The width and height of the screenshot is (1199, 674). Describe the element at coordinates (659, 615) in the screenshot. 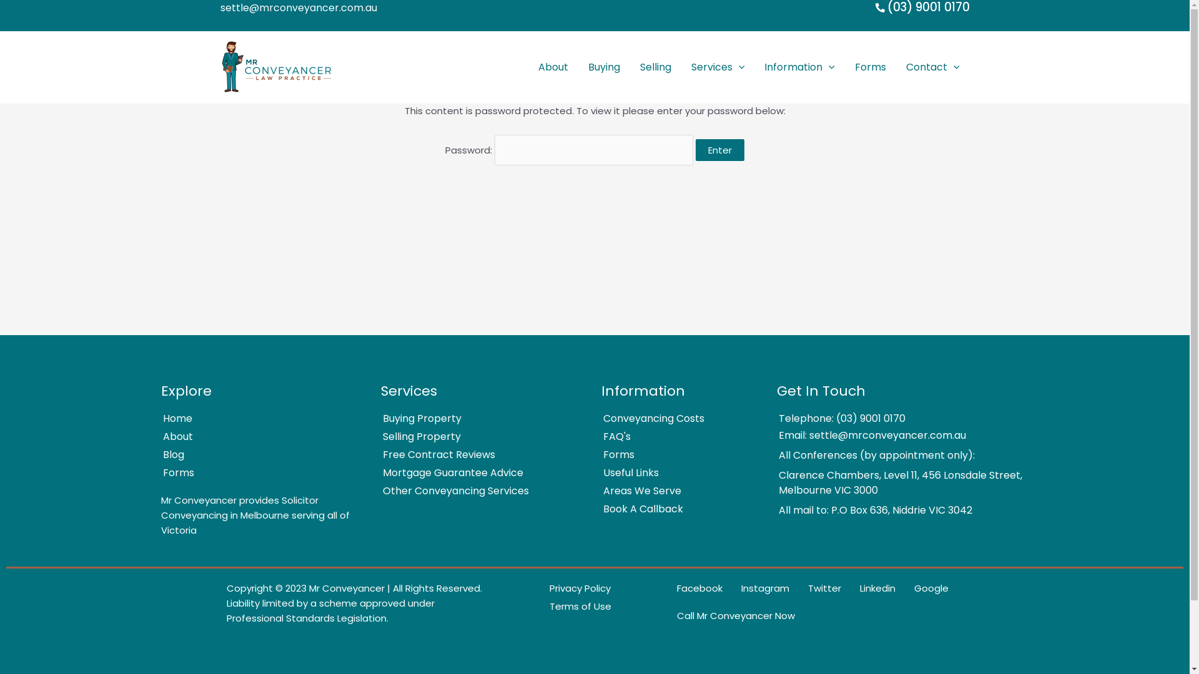

I see `'Call Mr Conveyancer Now'` at that location.